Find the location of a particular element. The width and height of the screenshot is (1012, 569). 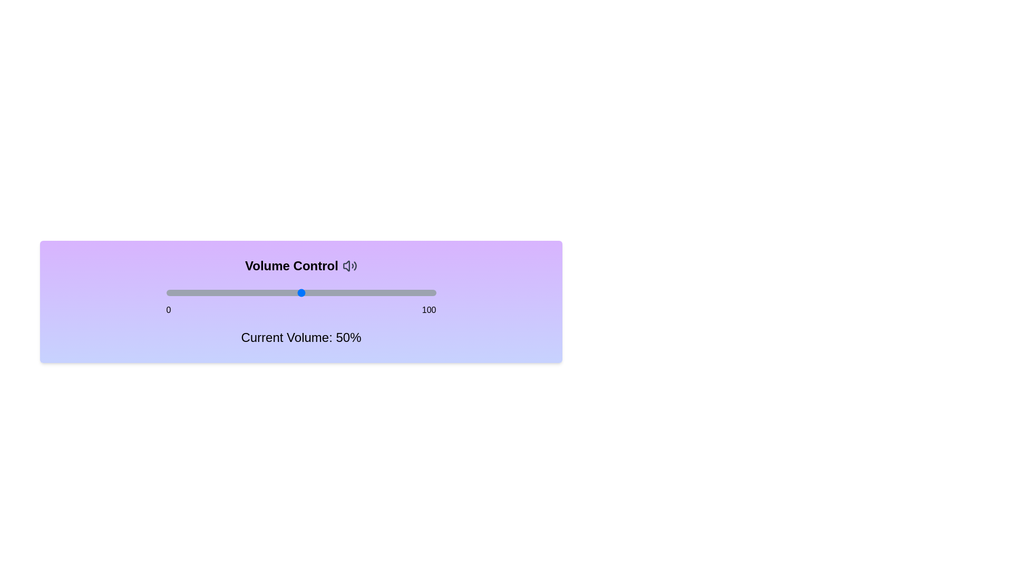

the volume to 61% by dragging the slider is located at coordinates (330, 292).